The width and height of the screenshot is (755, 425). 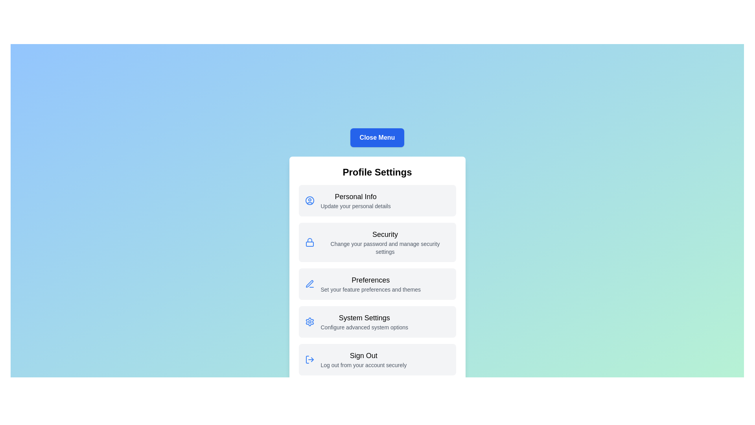 I want to click on the icon associated with the menu item Personal Info, so click(x=309, y=200).